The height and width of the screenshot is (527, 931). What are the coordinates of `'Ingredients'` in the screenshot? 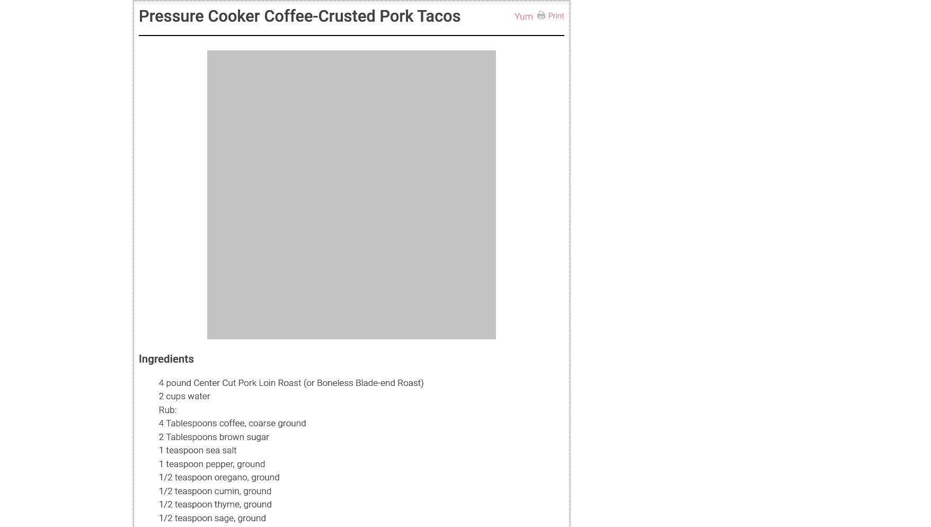 It's located at (166, 358).